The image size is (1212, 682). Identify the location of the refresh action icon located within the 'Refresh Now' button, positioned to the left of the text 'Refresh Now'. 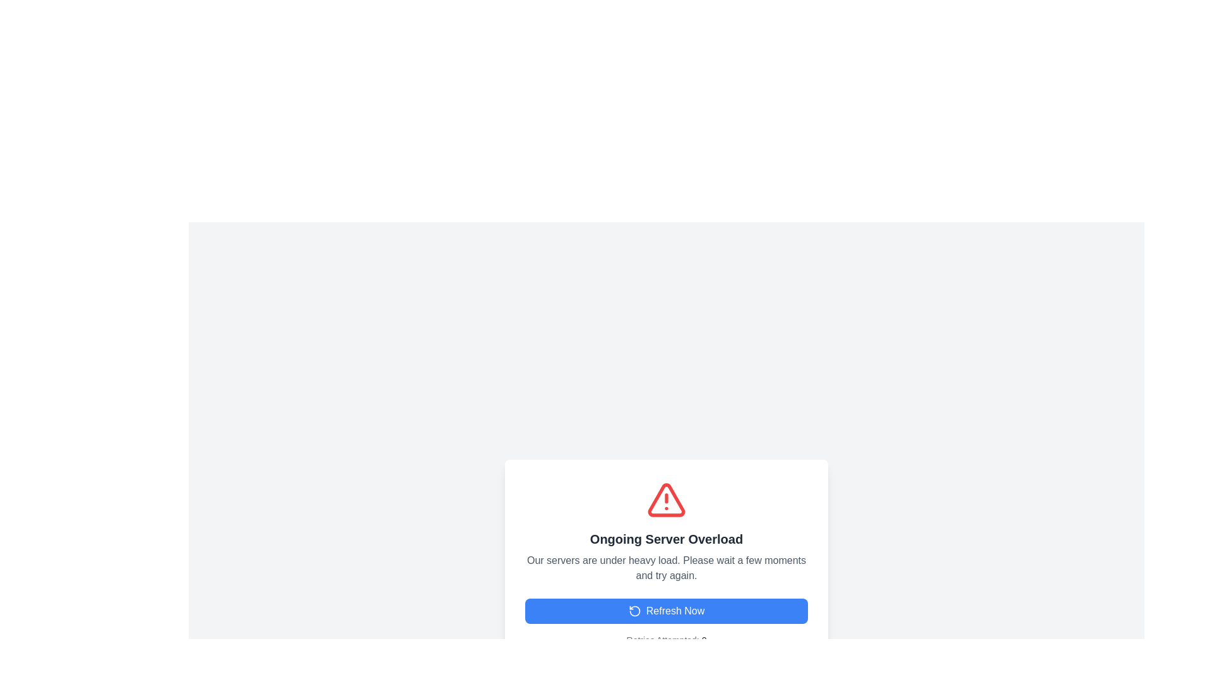
(634, 611).